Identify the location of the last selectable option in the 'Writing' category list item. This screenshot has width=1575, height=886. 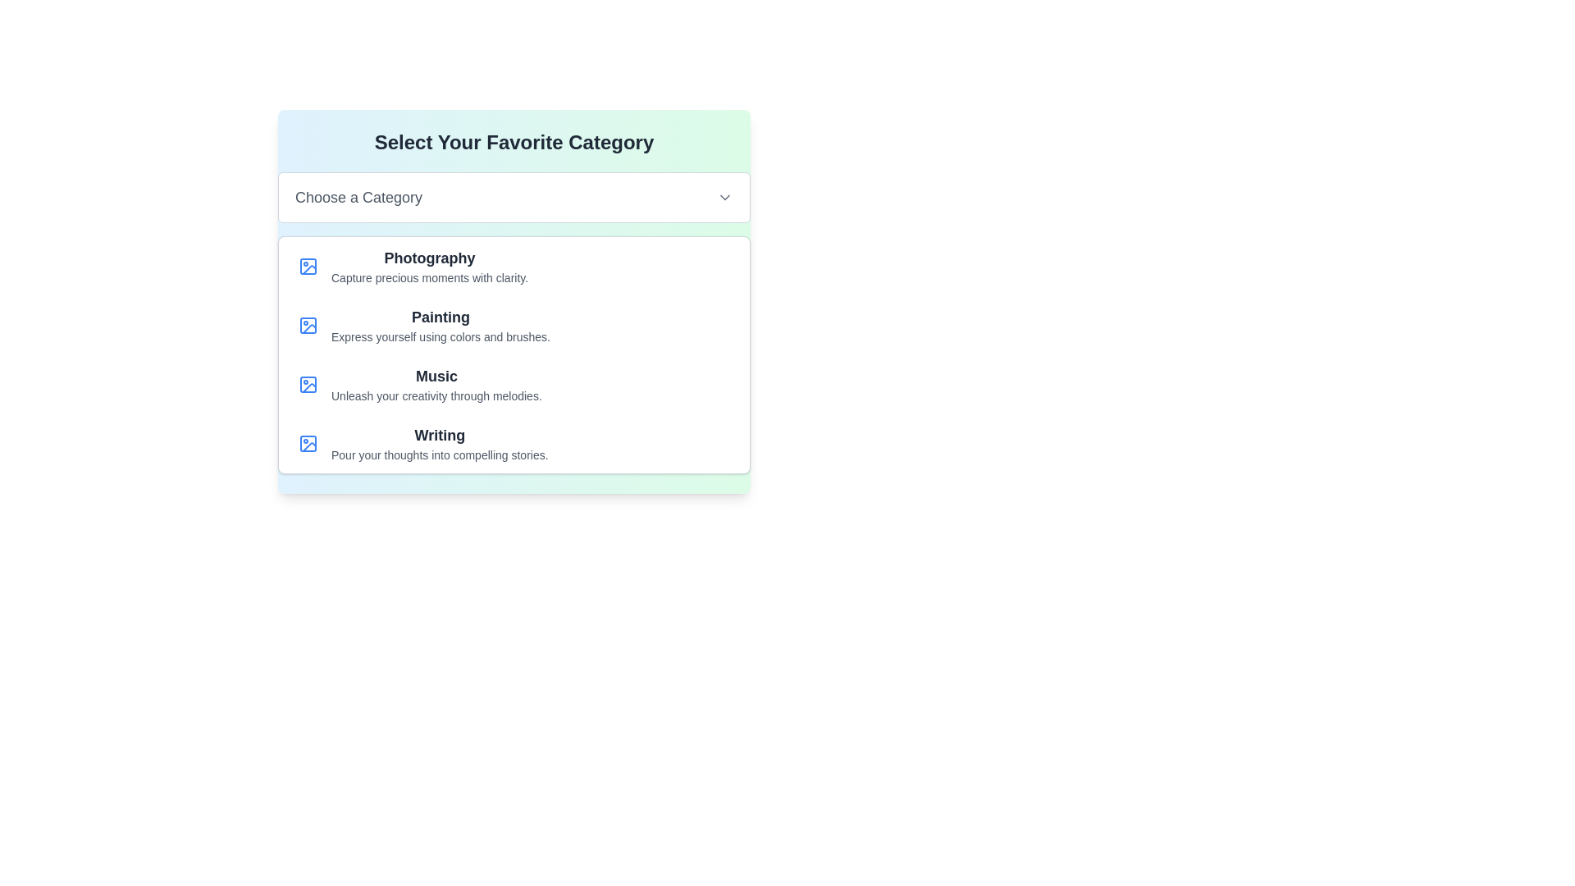
(514, 443).